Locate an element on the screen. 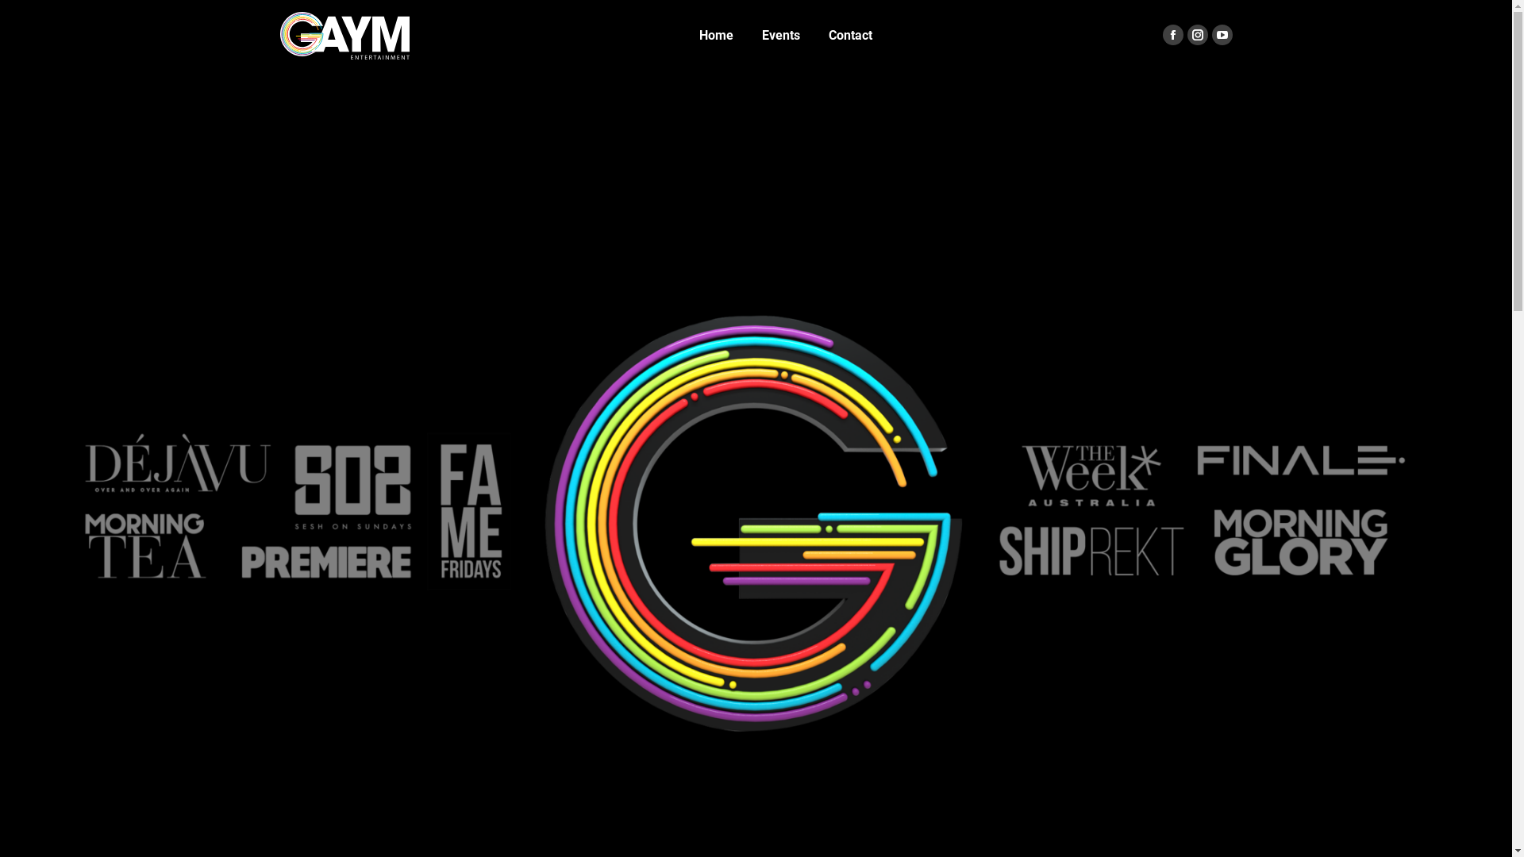  'Contact' is located at coordinates (849, 36).